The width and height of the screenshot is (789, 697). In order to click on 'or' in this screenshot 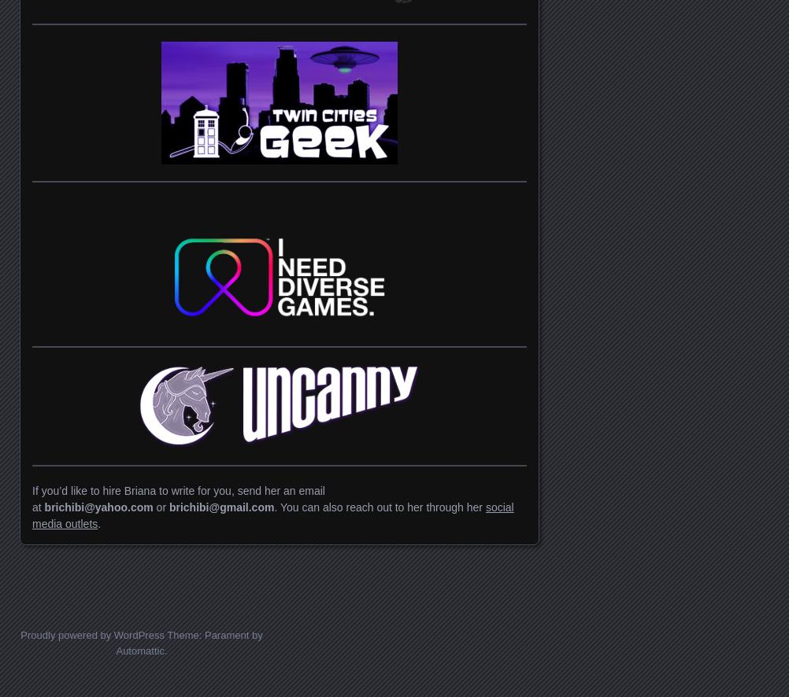, I will do `click(162, 507)`.